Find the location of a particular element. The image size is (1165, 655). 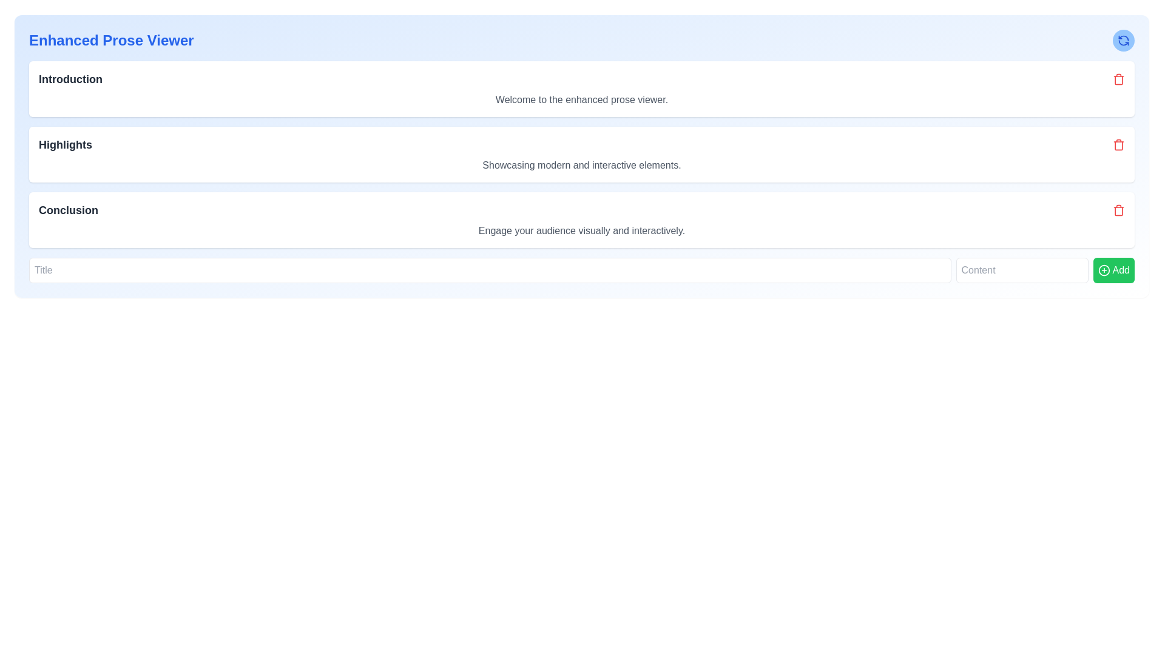

the trash can icon located at the far right of the header section of the 'Highlights' card is located at coordinates (1118, 144).